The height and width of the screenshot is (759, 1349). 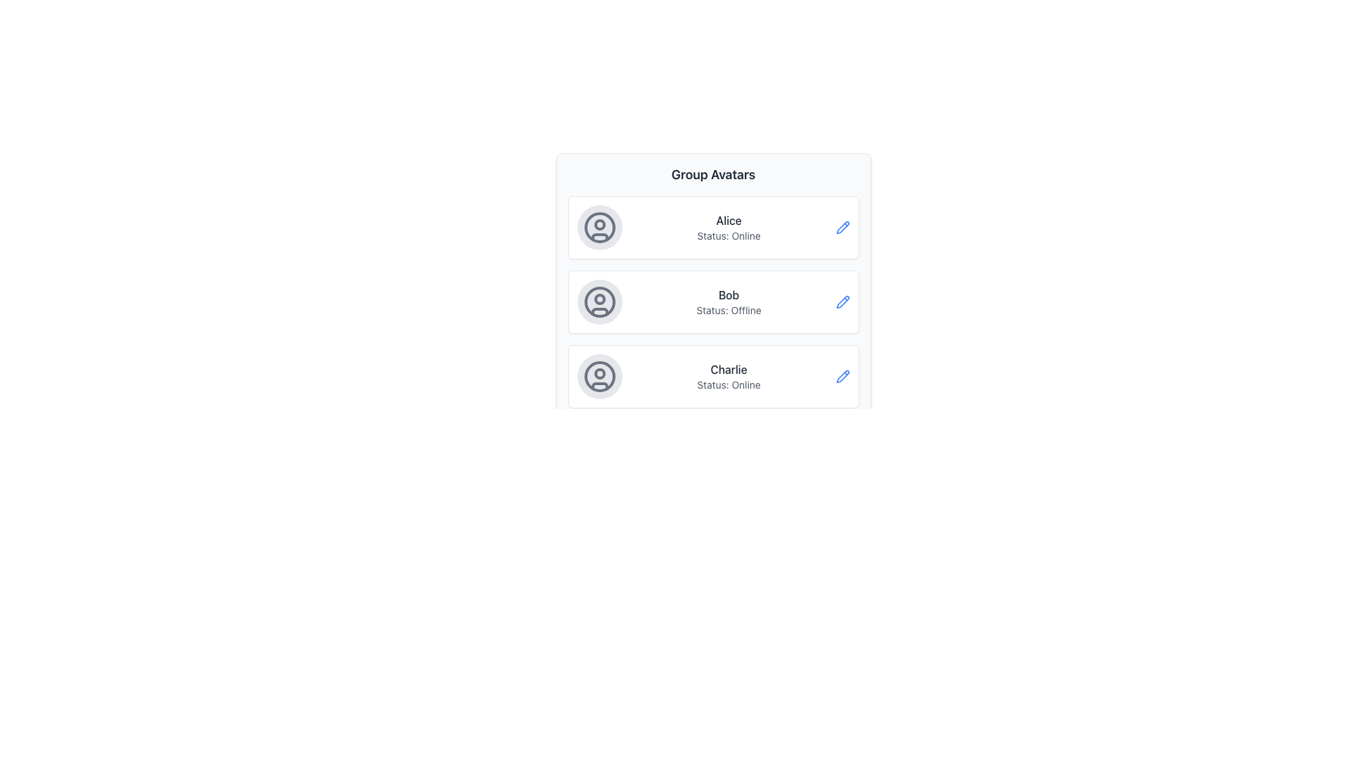 What do you see at coordinates (599, 301) in the screenshot?
I see `the circular user avatar icon representing 'Bob', which has a light gray background and a darker gray user outline, located in the second row of the user list` at bounding box center [599, 301].